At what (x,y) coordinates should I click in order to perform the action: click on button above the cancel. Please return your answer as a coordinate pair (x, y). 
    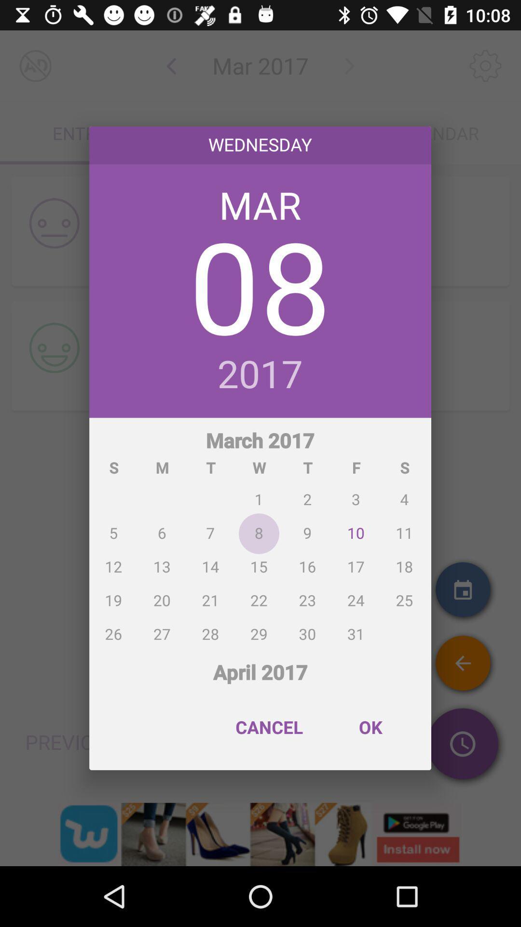
    Looking at the image, I should click on (260, 666).